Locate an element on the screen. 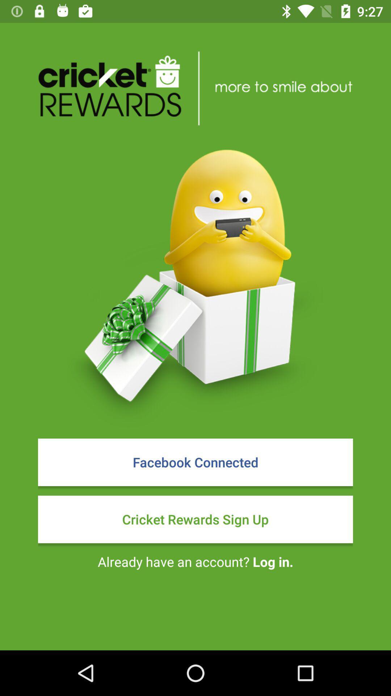 This screenshot has width=391, height=696. item below facebook connected item is located at coordinates (195, 519).